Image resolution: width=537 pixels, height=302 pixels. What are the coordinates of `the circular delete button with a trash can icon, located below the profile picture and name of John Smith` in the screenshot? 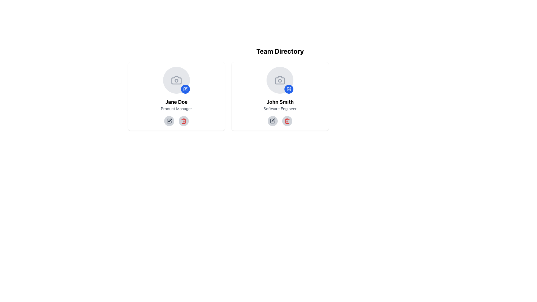 It's located at (287, 121).